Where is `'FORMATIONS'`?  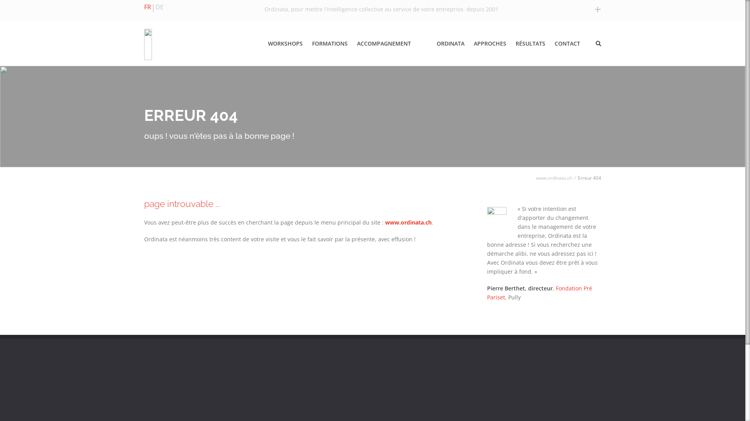
'FORMATIONS' is located at coordinates (331, 43).